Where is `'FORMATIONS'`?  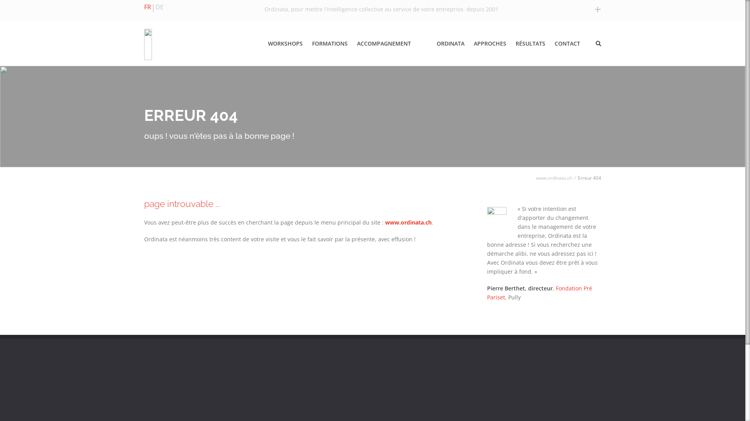
'FORMATIONS' is located at coordinates (331, 43).